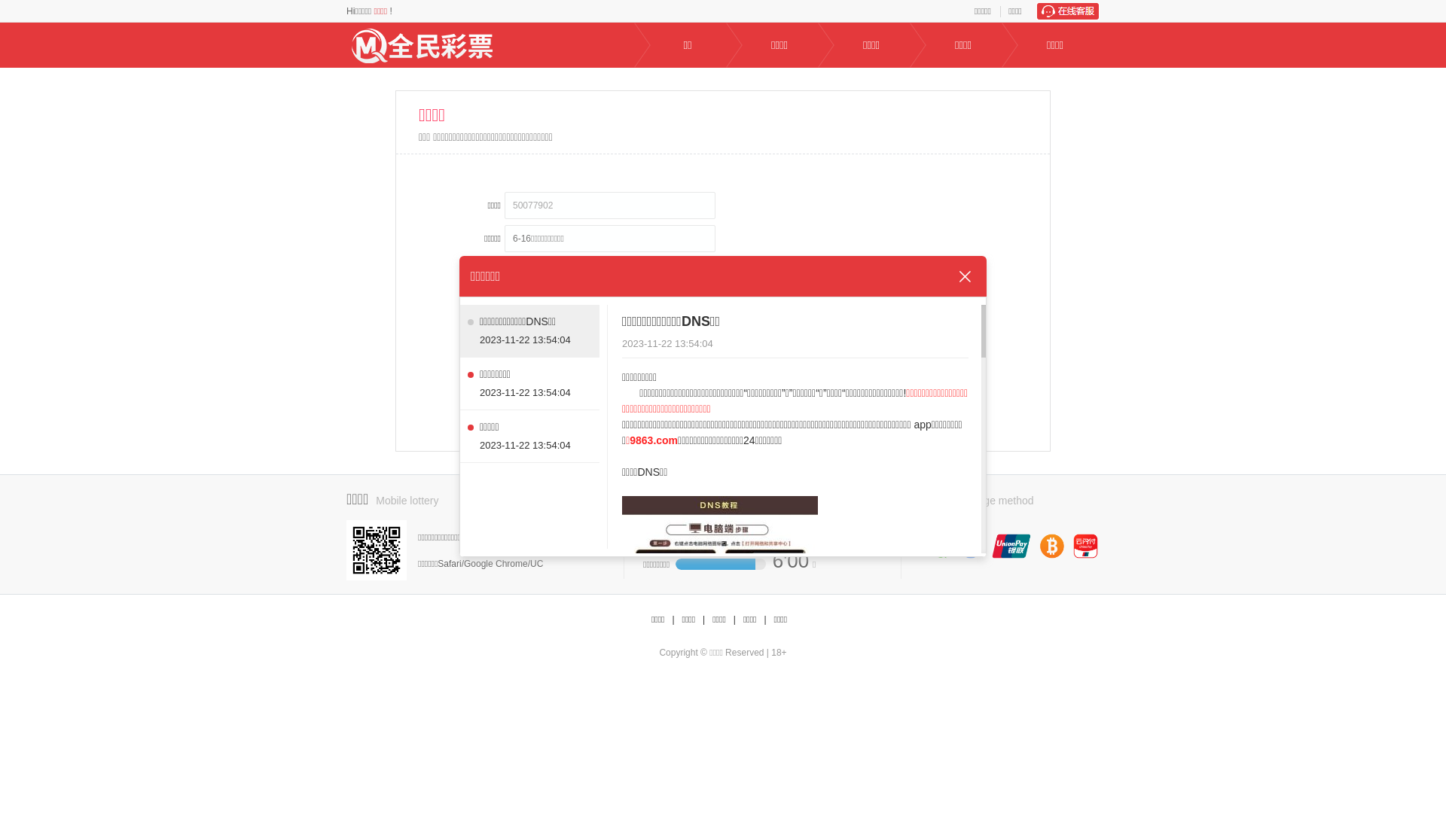  I want to click on '|', so click(672, 620).